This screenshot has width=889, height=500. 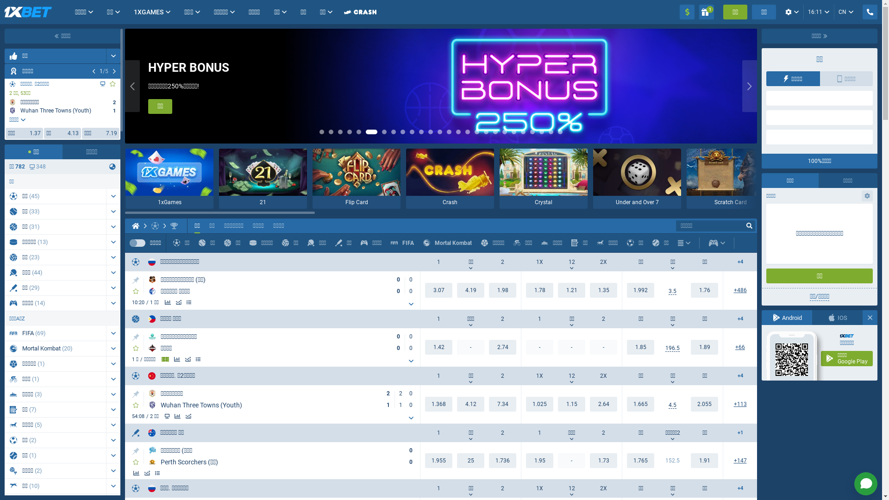 I want to click on '196.5', so click(x=664, y=348).